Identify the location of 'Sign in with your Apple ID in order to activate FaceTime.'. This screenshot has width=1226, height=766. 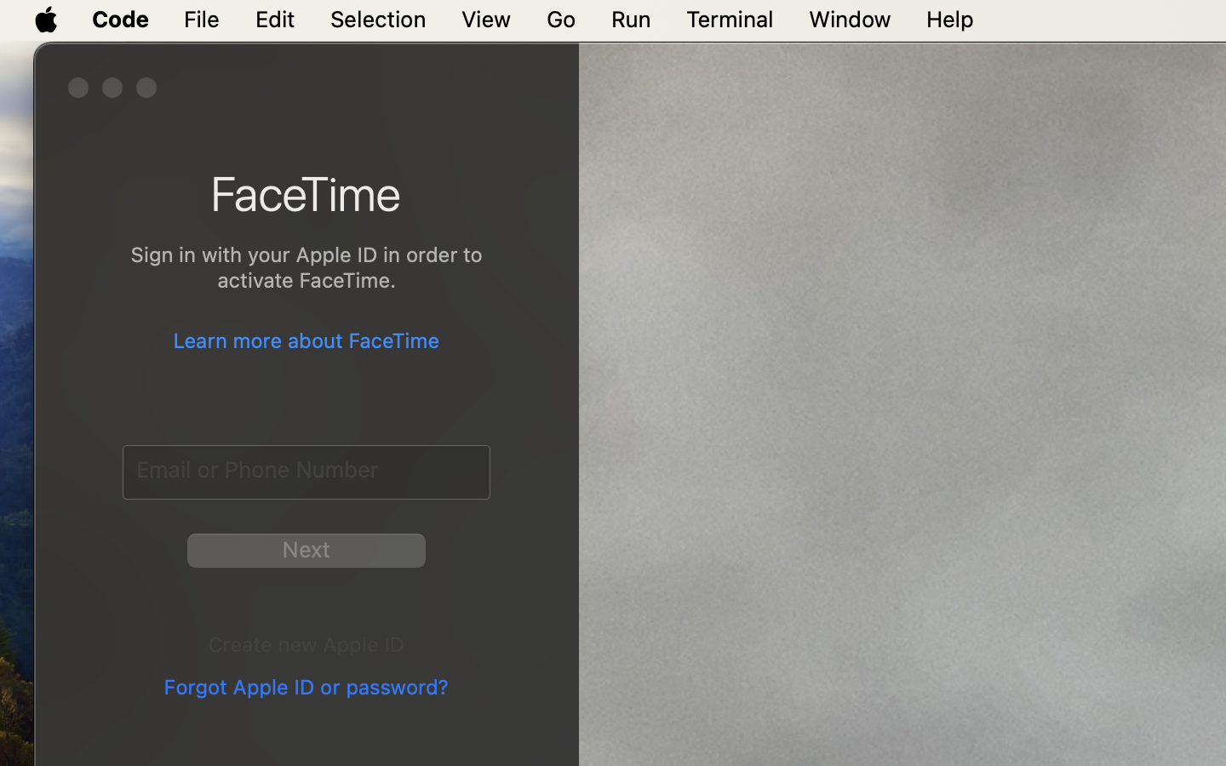
(306, 269).